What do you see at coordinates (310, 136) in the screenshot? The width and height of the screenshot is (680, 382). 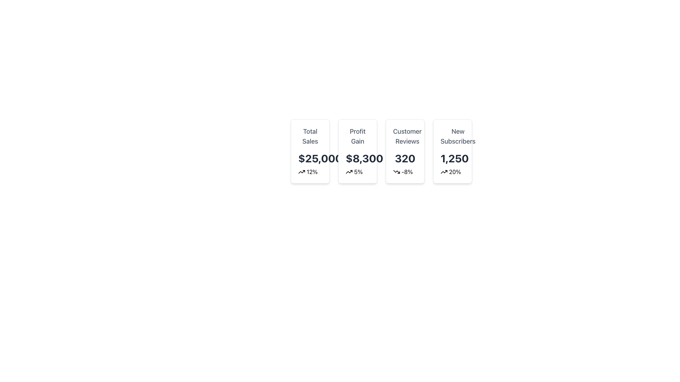 I see `the 'Total Sales' text label, which serves as a header for the data below it, located at the top section of the first card on the left` at bounding box center [310, 136].